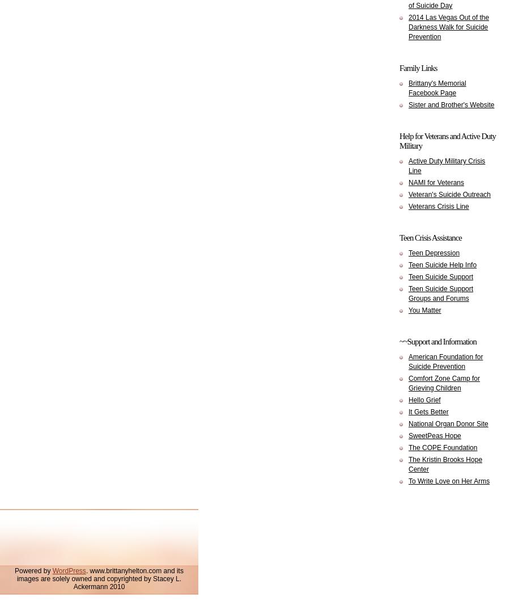  What do you see at coordinates (430, 238) in the screenshot?
I see `'Teen Crisis Assistance'` at bounding box center [430, 238].